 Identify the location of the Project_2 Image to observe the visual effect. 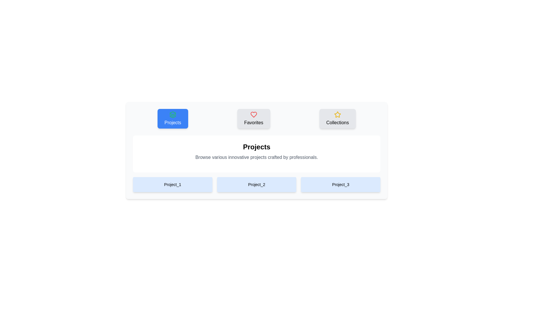
(256, 185).